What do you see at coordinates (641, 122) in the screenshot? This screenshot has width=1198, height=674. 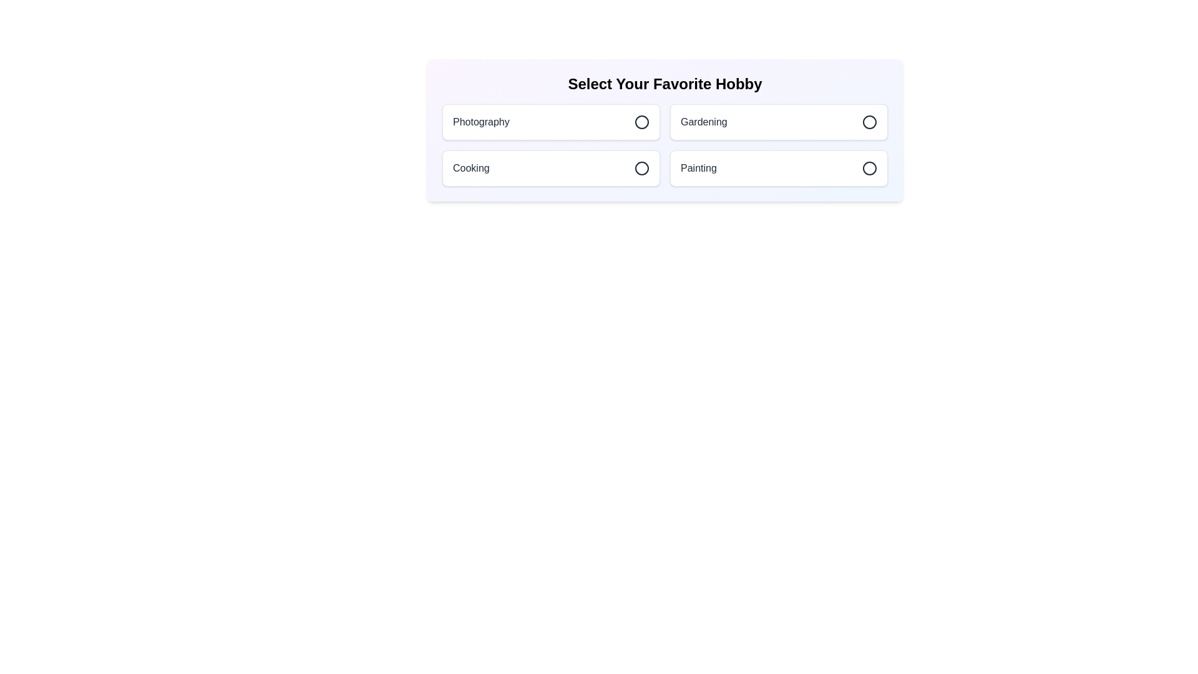 I see `the SVG circle graphical element that functions as a radio button selection indicator adjacent to the text 'Photography'` at bounding box center [641, 122].